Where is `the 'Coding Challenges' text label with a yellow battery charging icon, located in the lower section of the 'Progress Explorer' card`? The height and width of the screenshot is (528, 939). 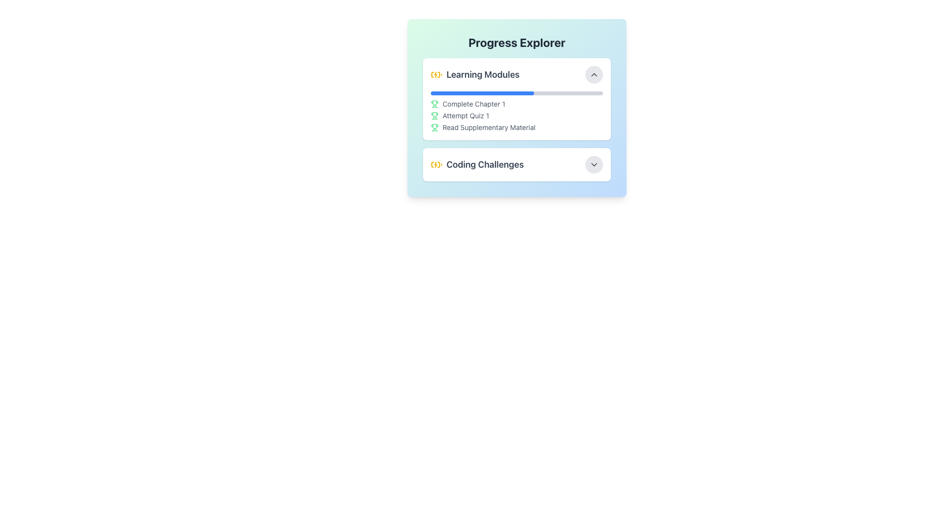 the 'Coding Challenges' text label with a yellow battery charging icon, located in the lower section of the 'Progress Explorer' card is located at coordinates (477, 164).